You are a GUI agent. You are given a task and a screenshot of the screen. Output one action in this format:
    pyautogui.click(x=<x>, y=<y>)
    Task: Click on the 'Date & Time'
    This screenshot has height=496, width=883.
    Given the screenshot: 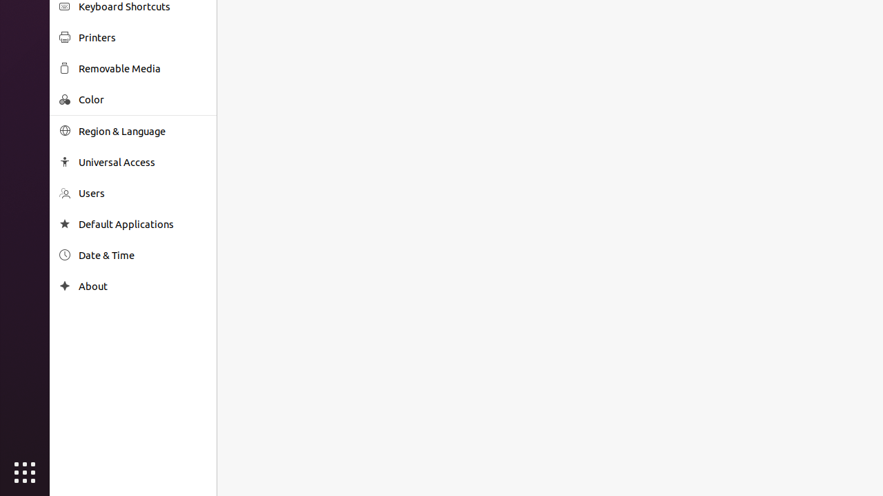 What is the action you would take?
    pyautogui.click(x=142, y=255)
    